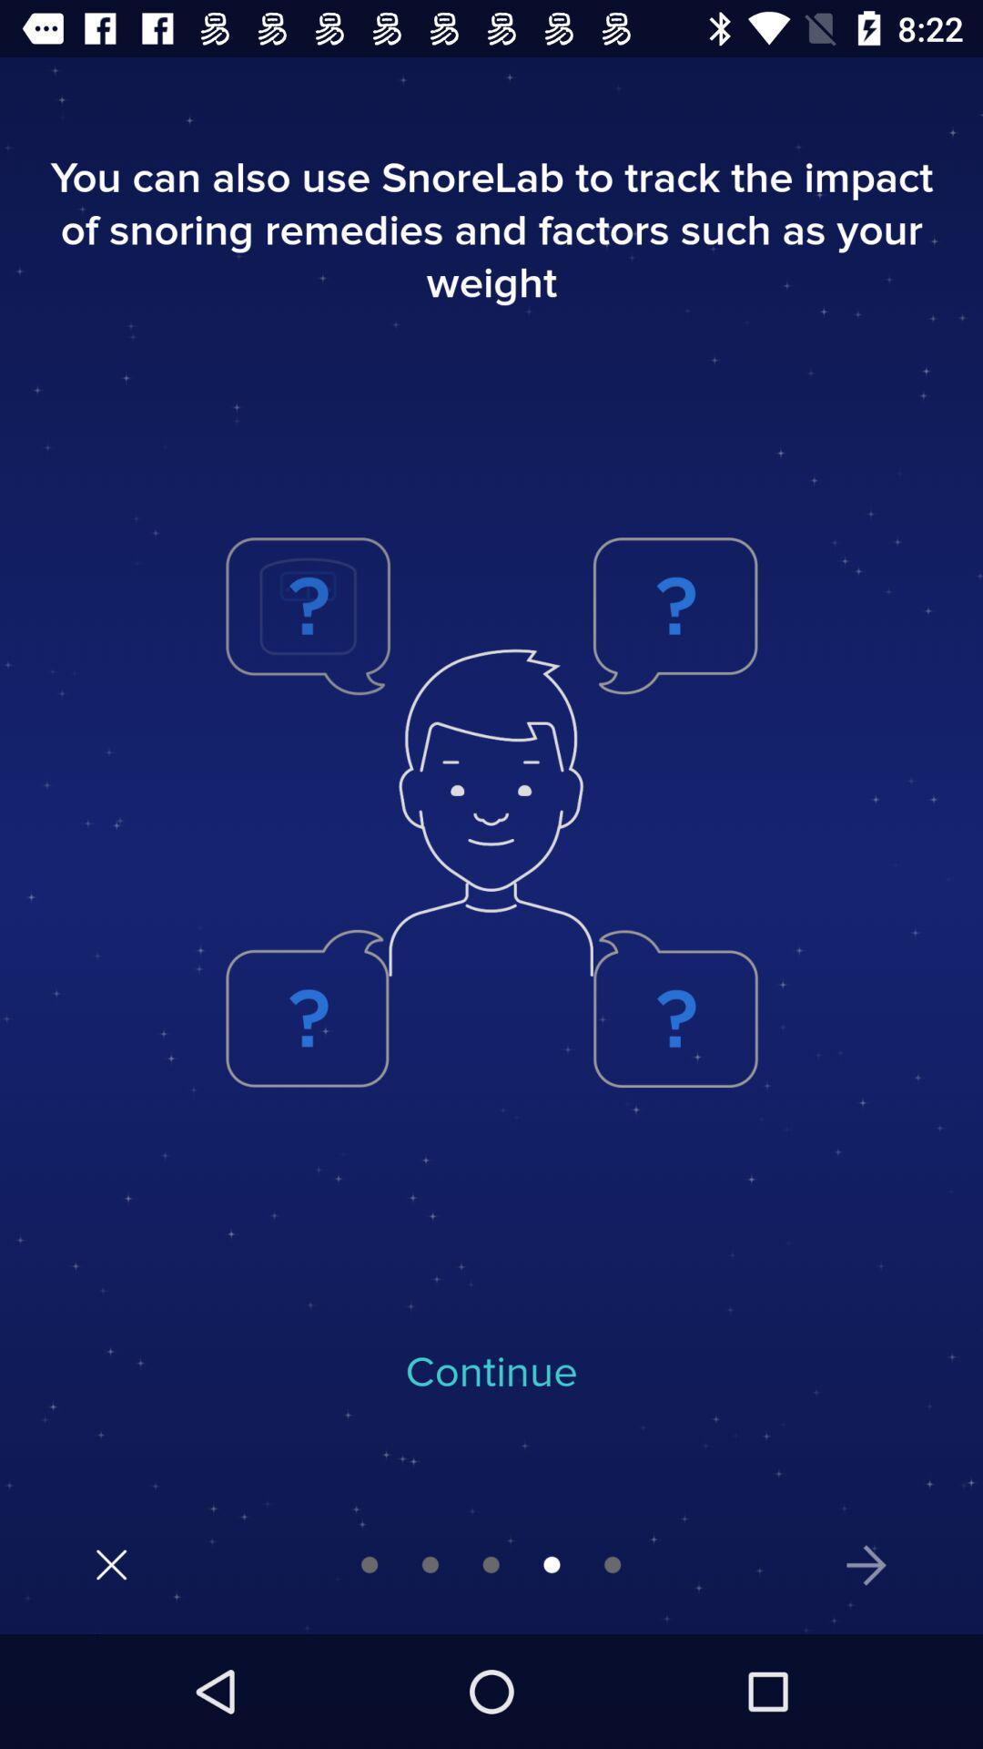 This screenshot has height=1749, width=983. Describe the element at coordinates (866, 1564) in the screenshot. I see `continue to next page` at that location.